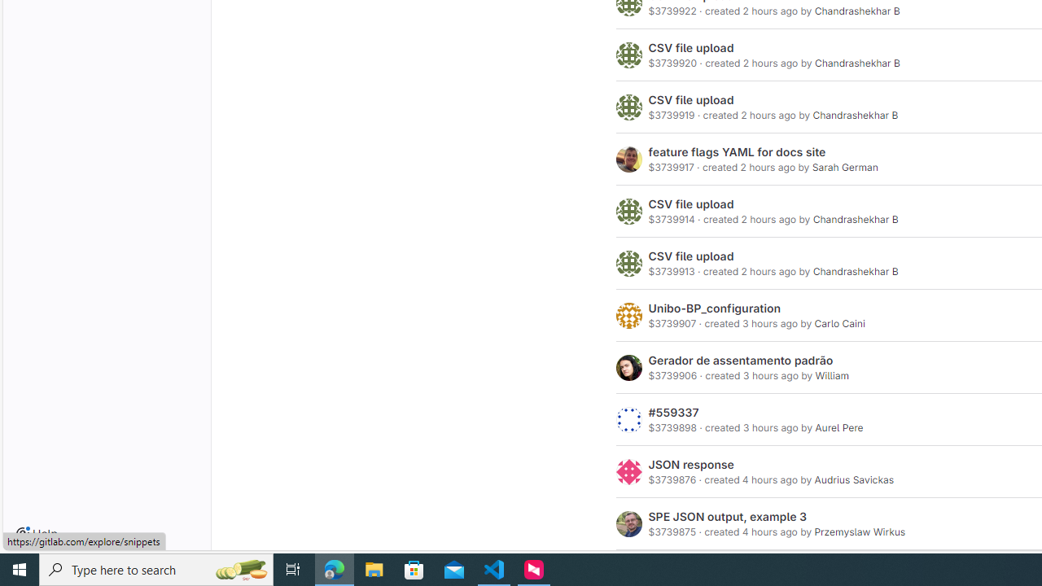  I want to click on 'William', so click(832, 376).